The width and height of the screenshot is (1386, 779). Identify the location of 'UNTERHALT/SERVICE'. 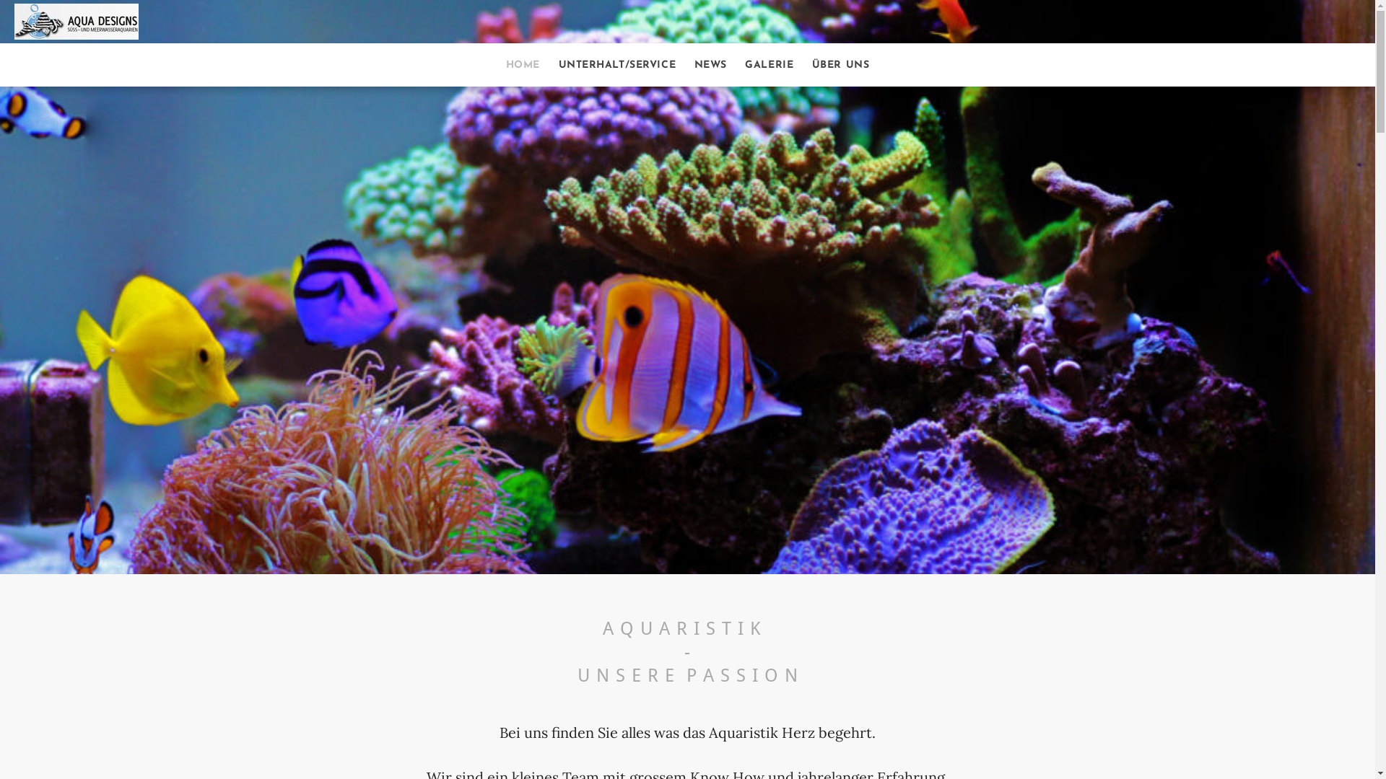
(557, 65).